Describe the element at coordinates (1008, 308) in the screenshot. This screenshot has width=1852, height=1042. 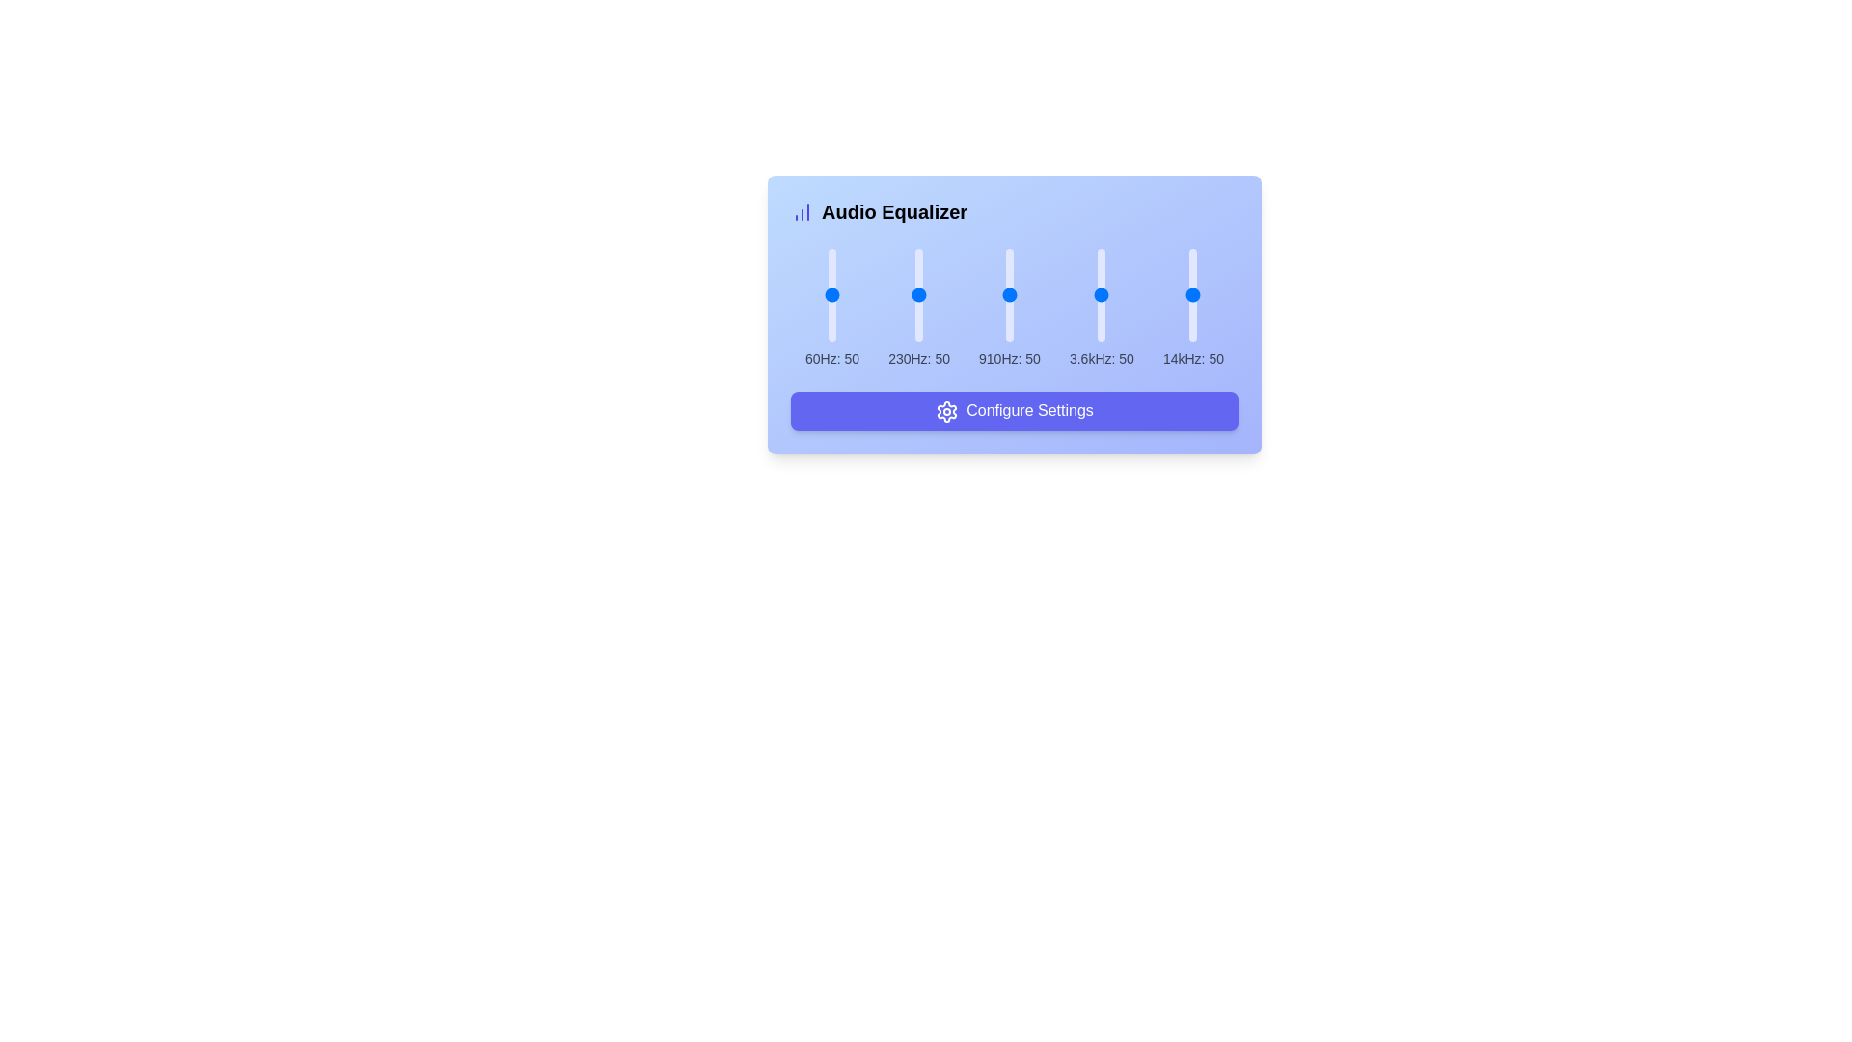
I see `the vertical slider labeled '910Hz: 50' to set its value at a specific point` at that location.